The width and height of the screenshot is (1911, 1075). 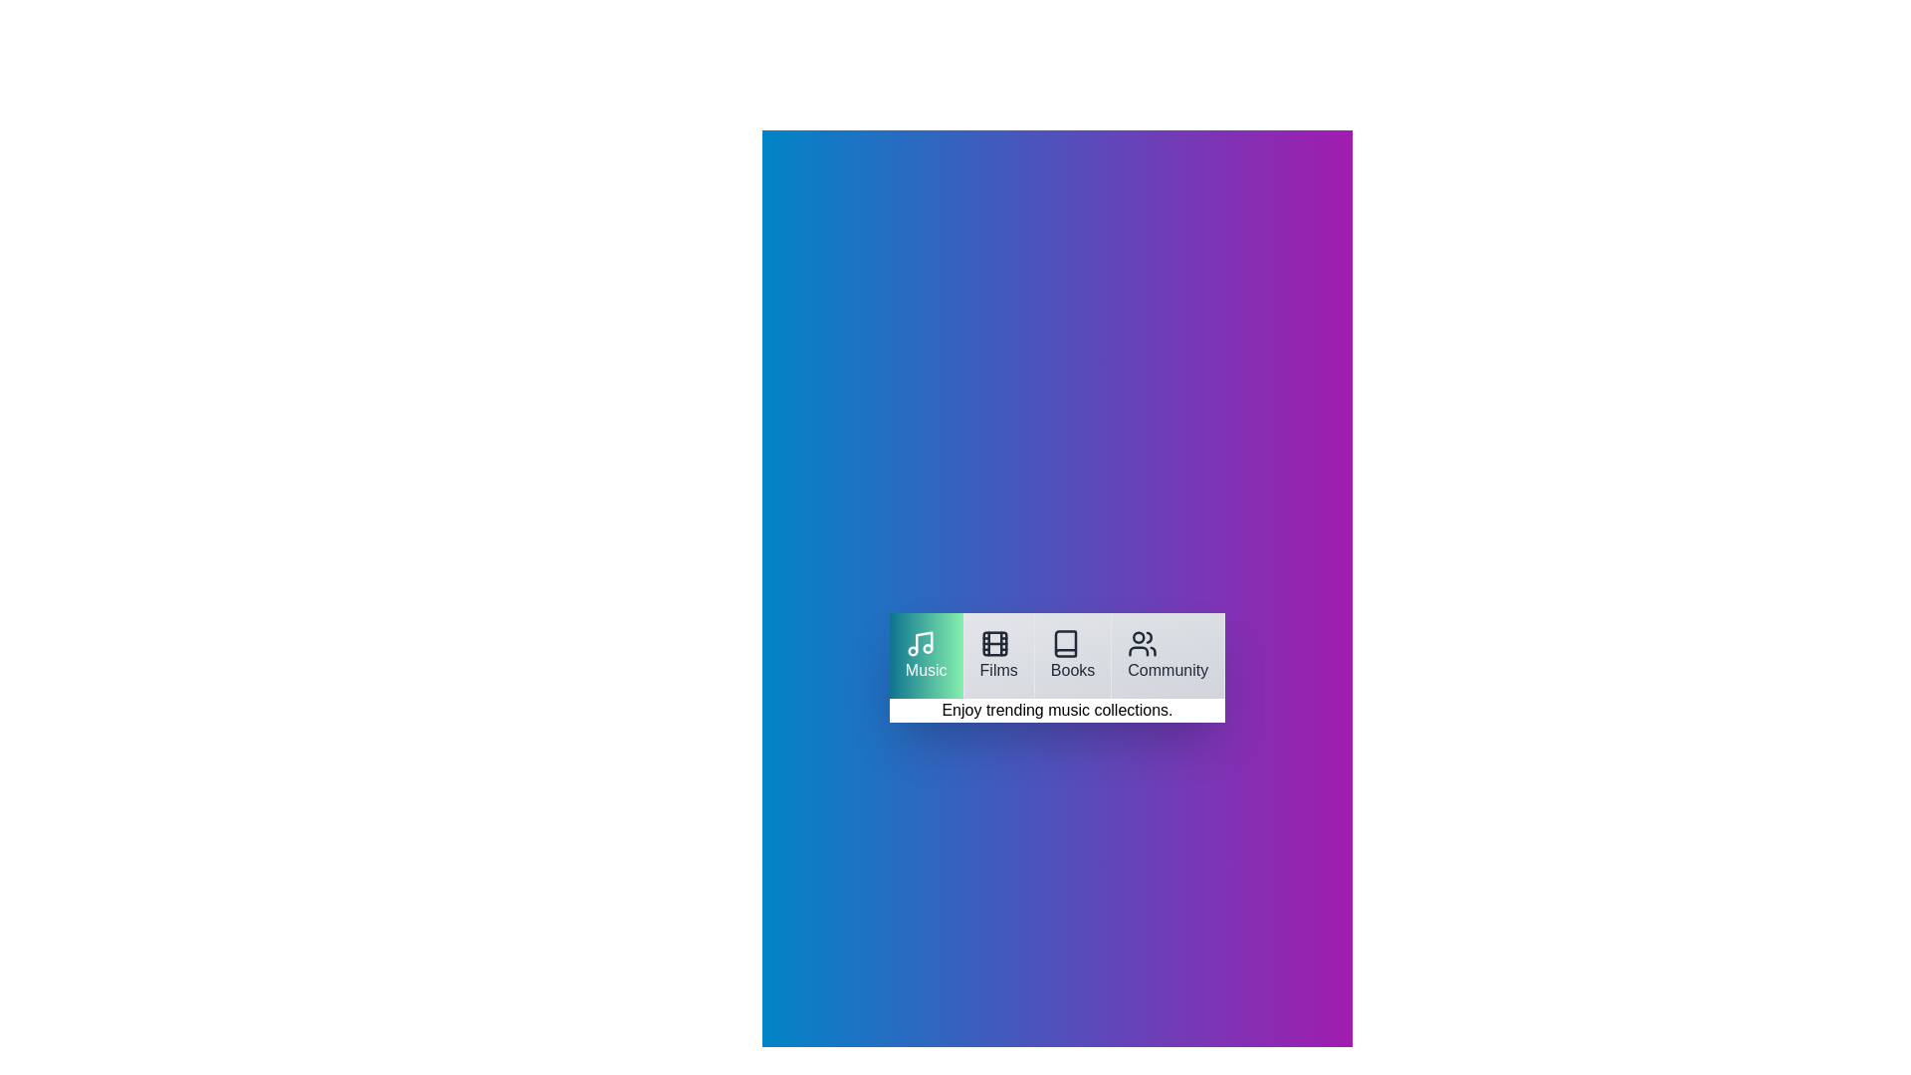 I want to click on the Navigation Button located between 'Films' and 'Community', so click(x=1072, y=656).